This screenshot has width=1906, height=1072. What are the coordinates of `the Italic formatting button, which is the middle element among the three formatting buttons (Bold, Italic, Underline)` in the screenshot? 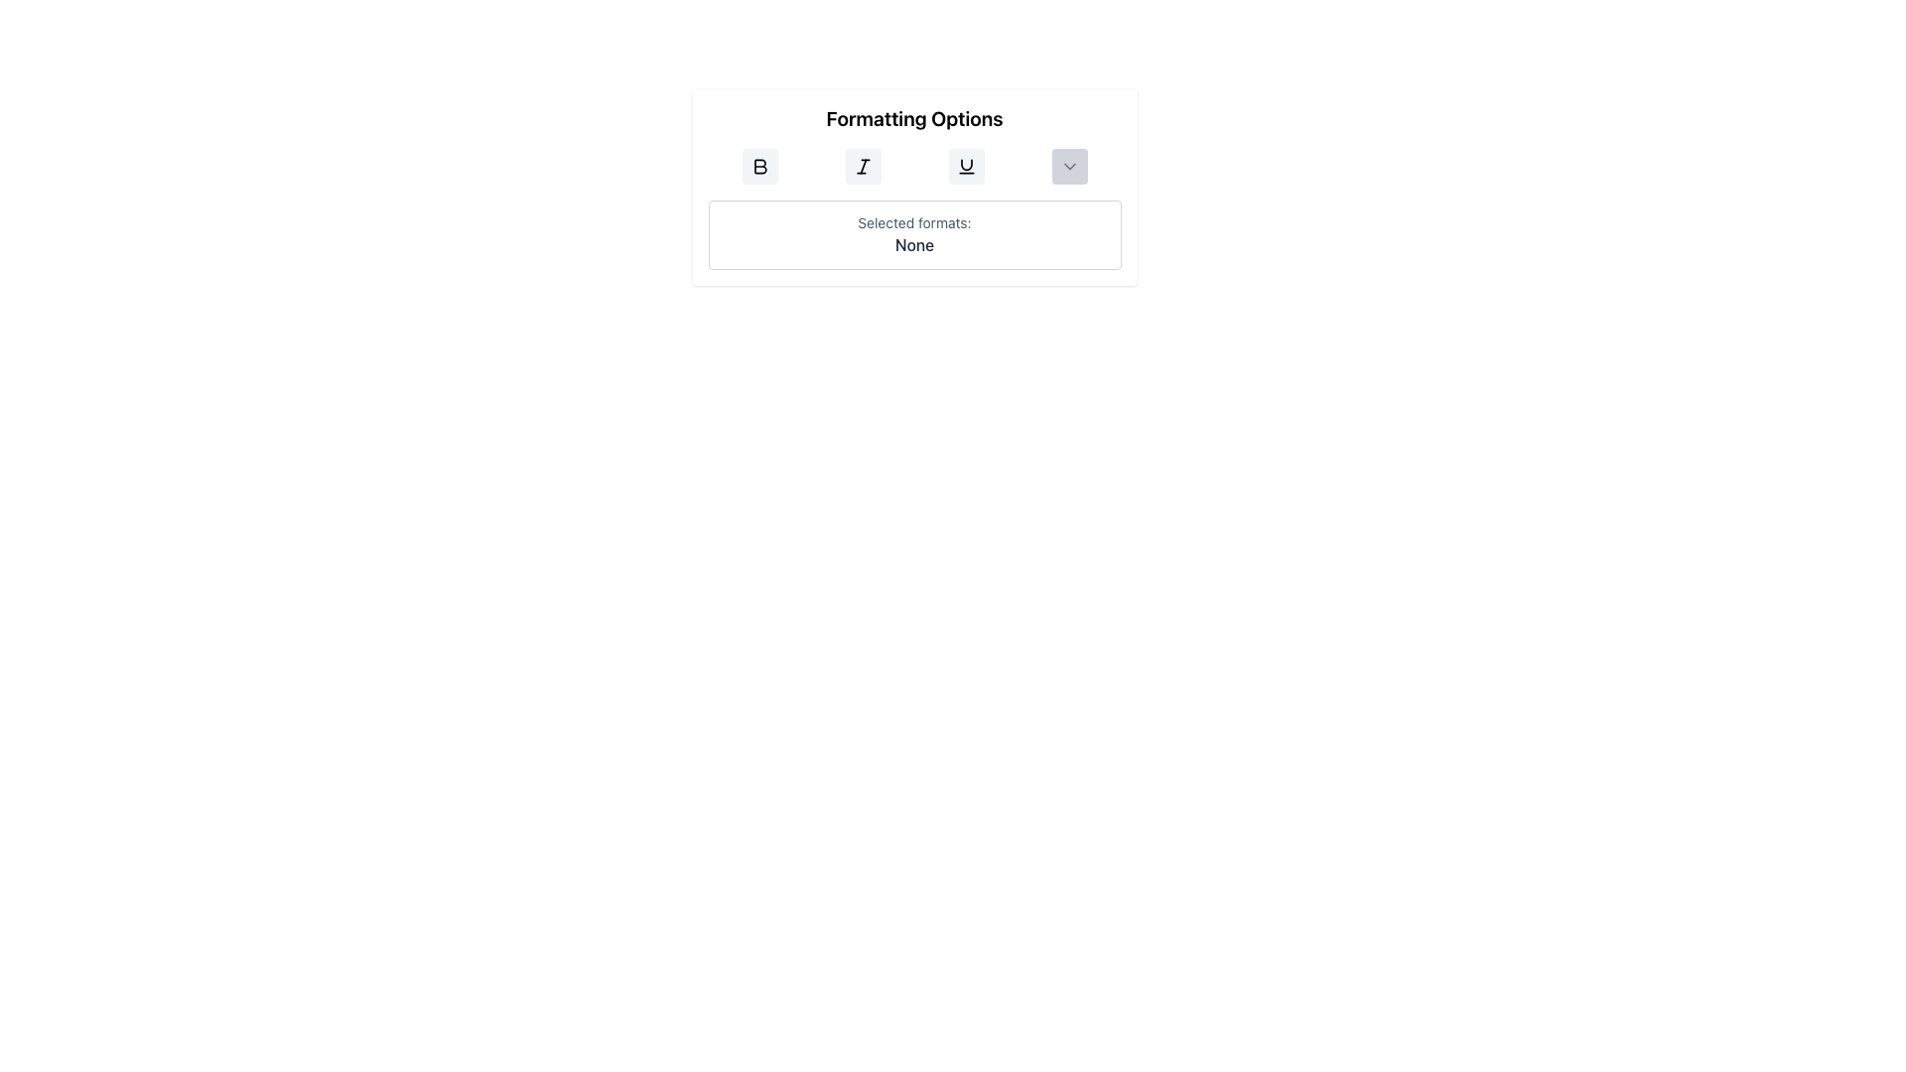 It's located at (863, 166).